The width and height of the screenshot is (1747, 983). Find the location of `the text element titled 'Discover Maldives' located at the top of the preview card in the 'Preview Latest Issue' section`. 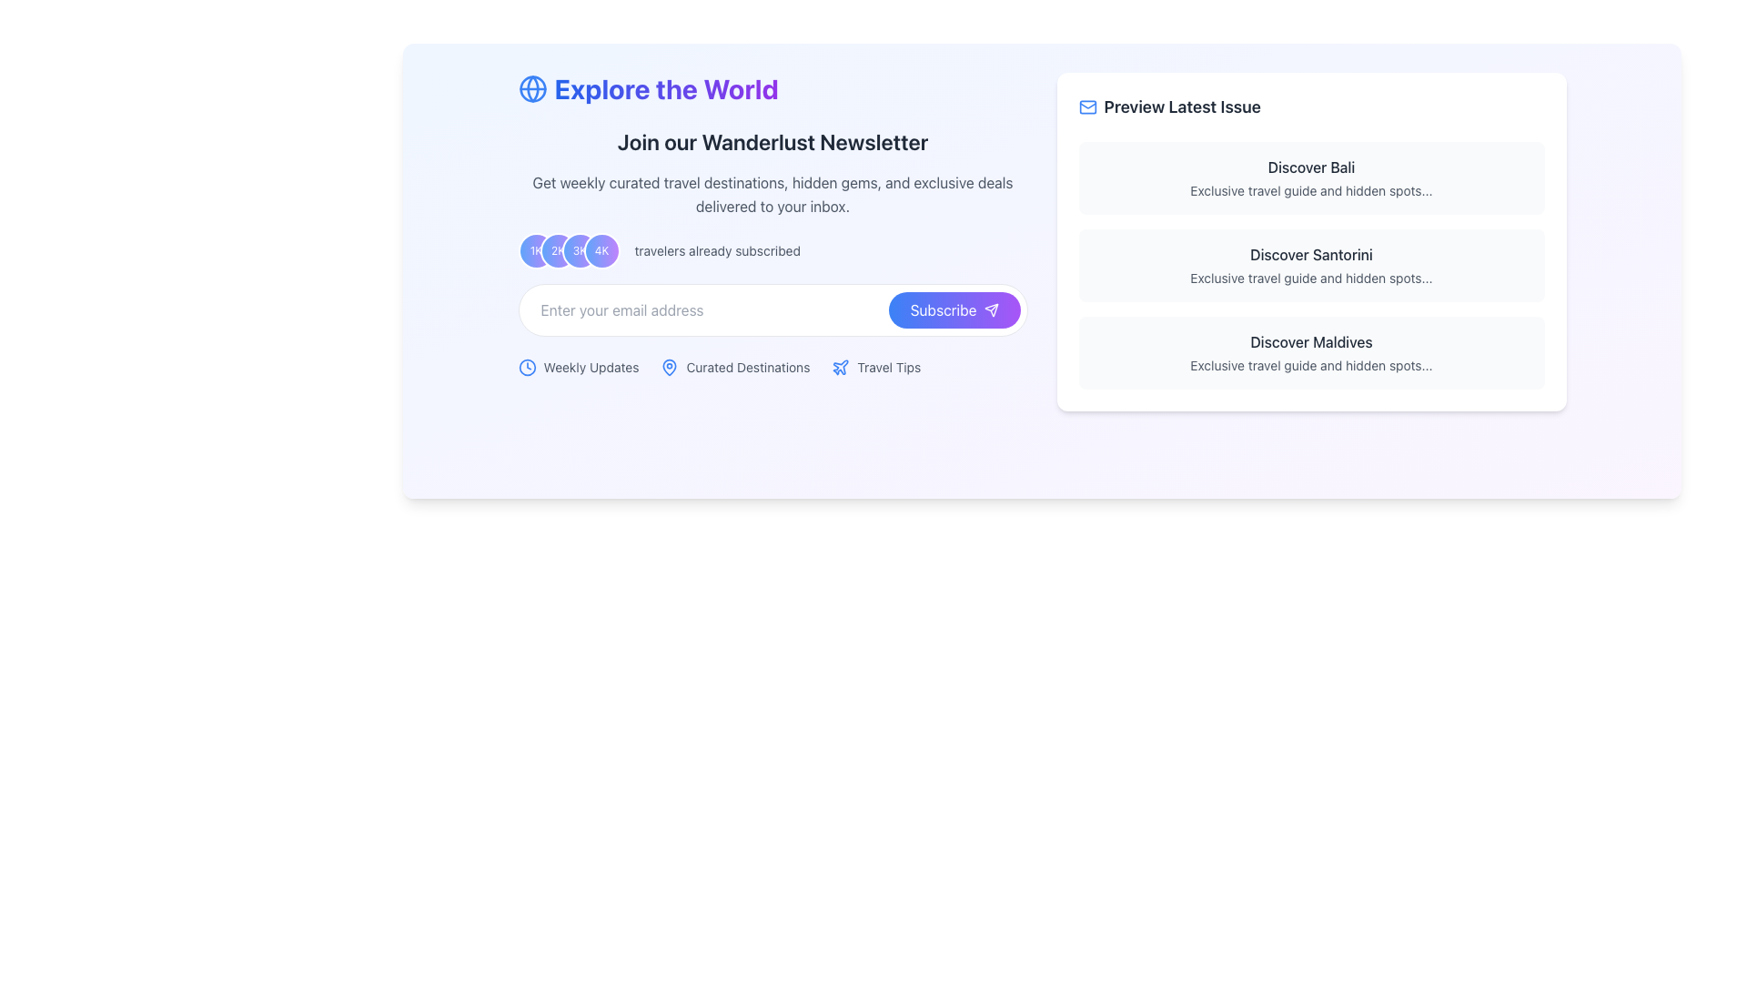

the text element titled 'Discover Maldives' located at the top of the preview card in the 'Preview Latest Issue' section is located at coordinates (1311, 341).